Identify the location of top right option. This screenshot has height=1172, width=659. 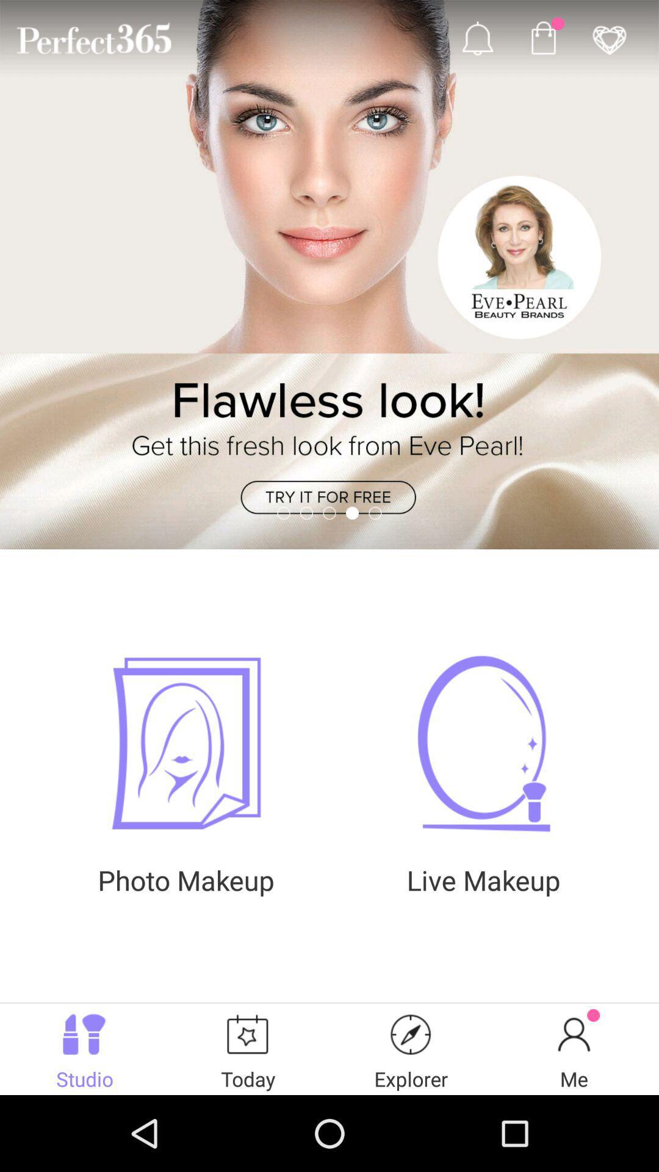
(610, 38).